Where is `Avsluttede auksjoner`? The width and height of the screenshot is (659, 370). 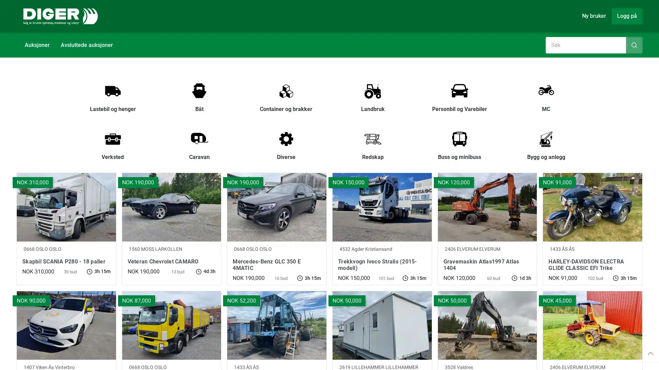 Avsluttede auksjoner is located at coordinates (86, 45).